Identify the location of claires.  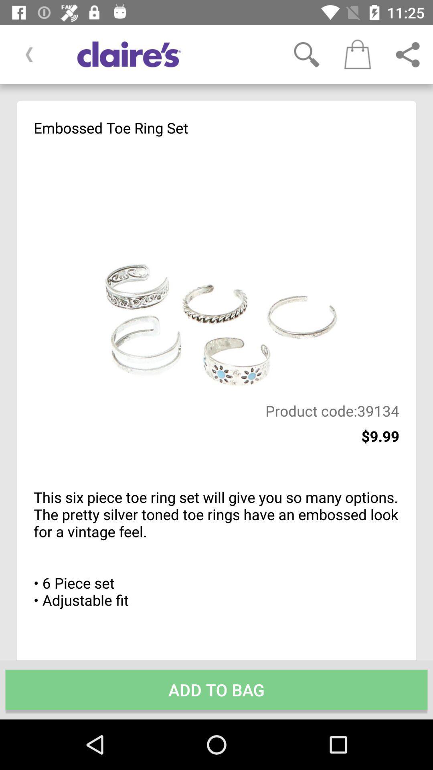
(170, 54).